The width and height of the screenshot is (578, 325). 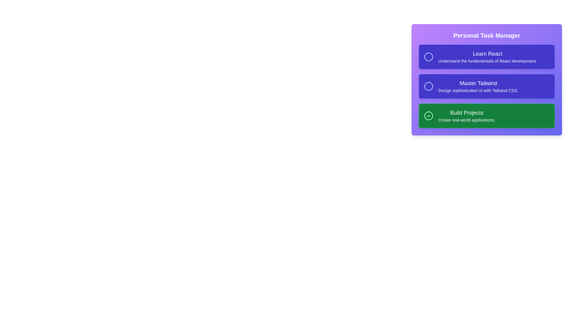 What do you see at coordinates (487, 116) in the screenshot?
I see `the task card labeled 'Build Projects' to toggle its completion state` at bounding box center [487, 116].